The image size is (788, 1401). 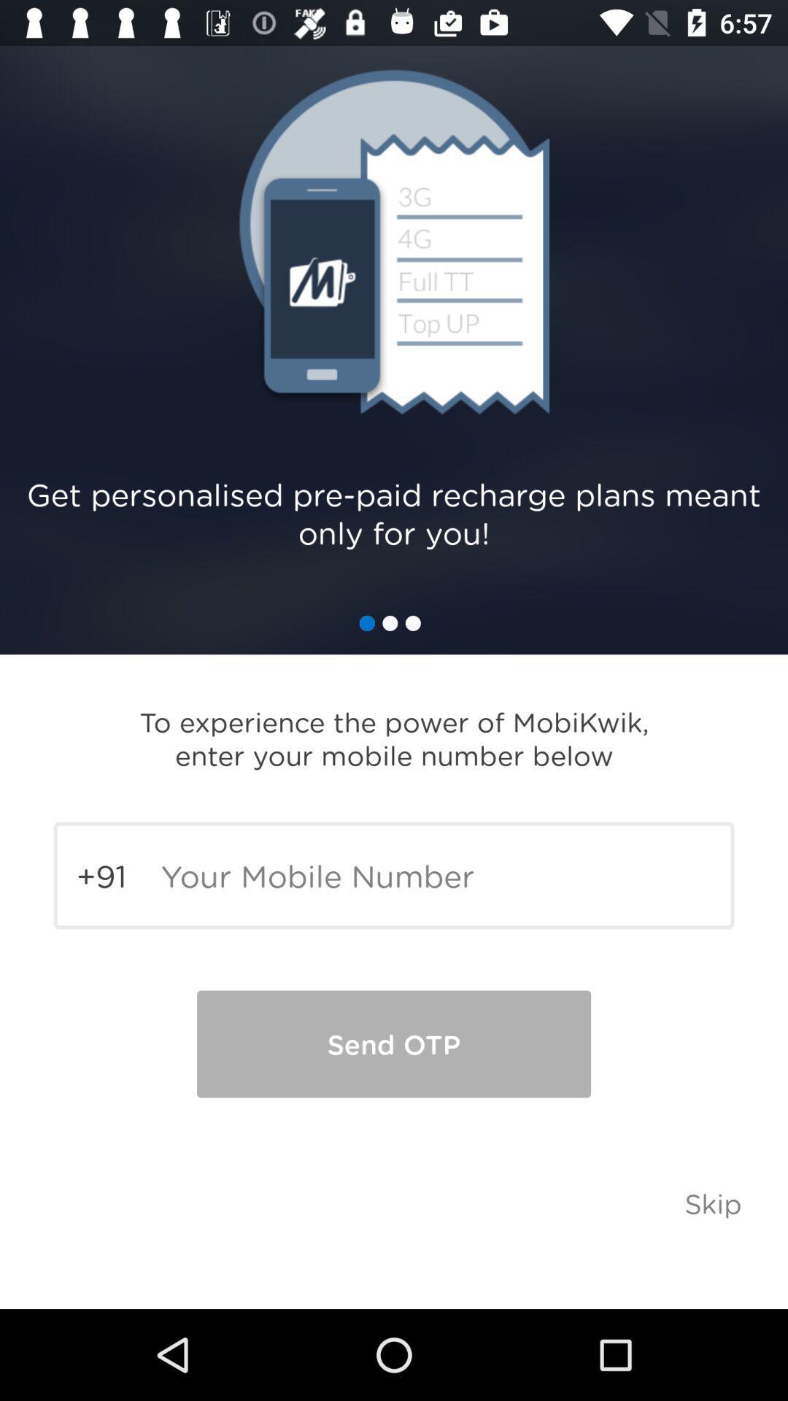 What do you see at coordinates (712, 1203) in the screenshot?
I see `the skip` at bounding box center [712, 1203].